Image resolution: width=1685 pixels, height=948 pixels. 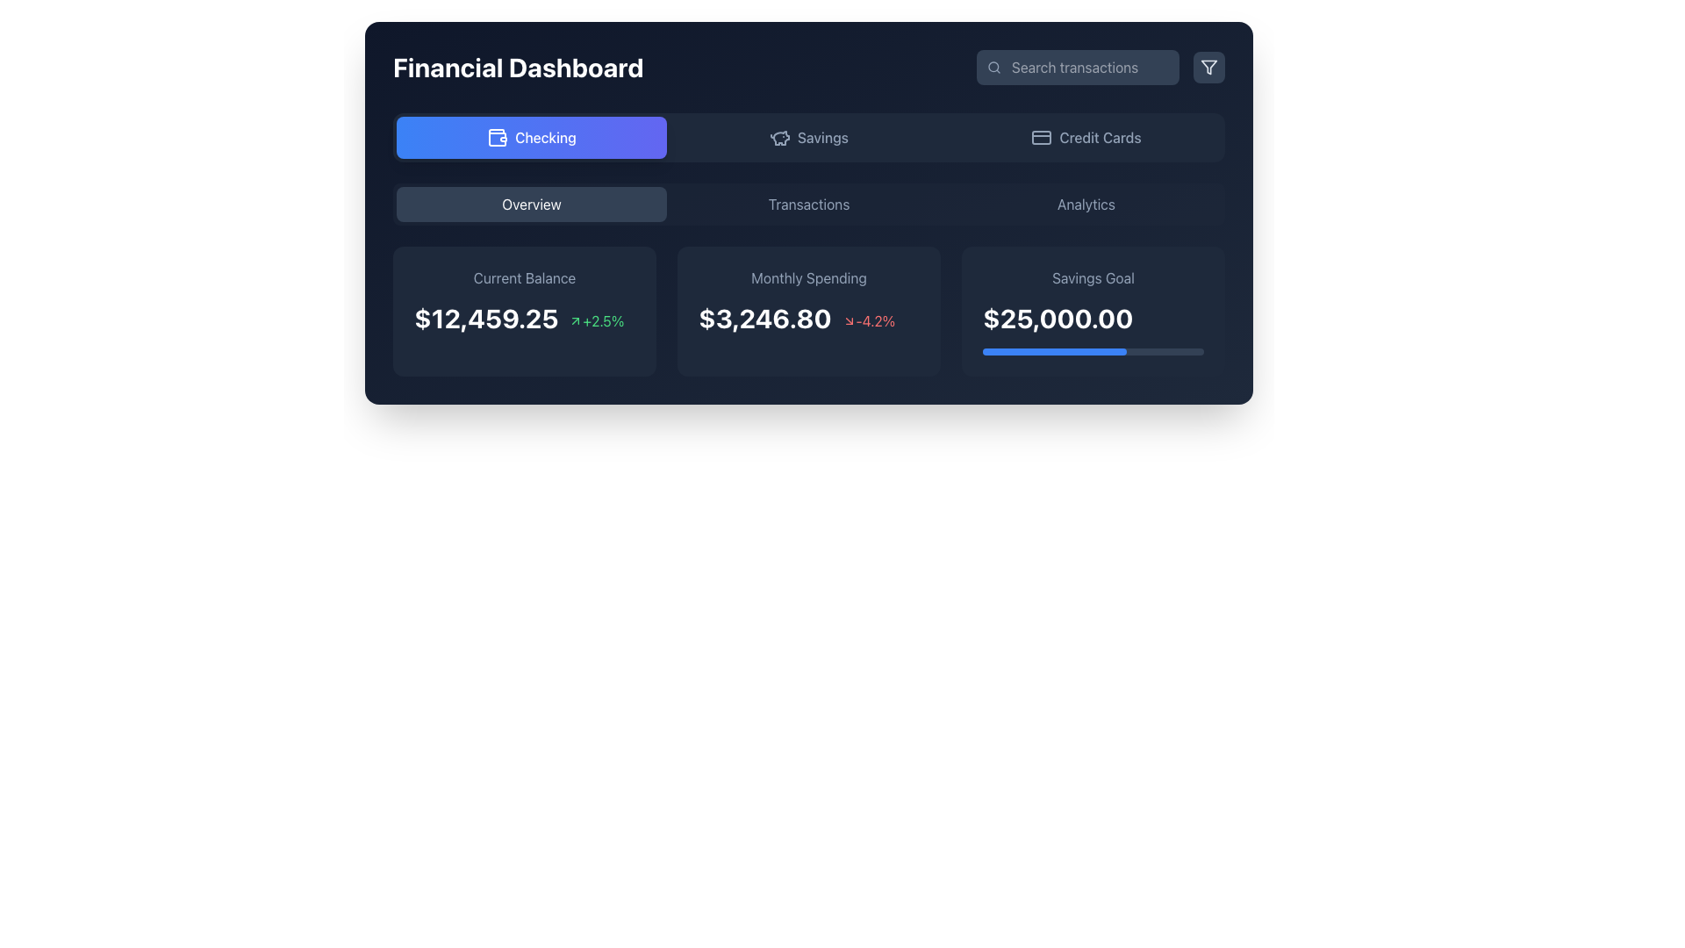 I want to click on the progress bar that visually indicates the proportion of the savings goal achieved, located within the 'Savings Goal' section below the '$25,000.00' text, so click(x=1053, y=352).